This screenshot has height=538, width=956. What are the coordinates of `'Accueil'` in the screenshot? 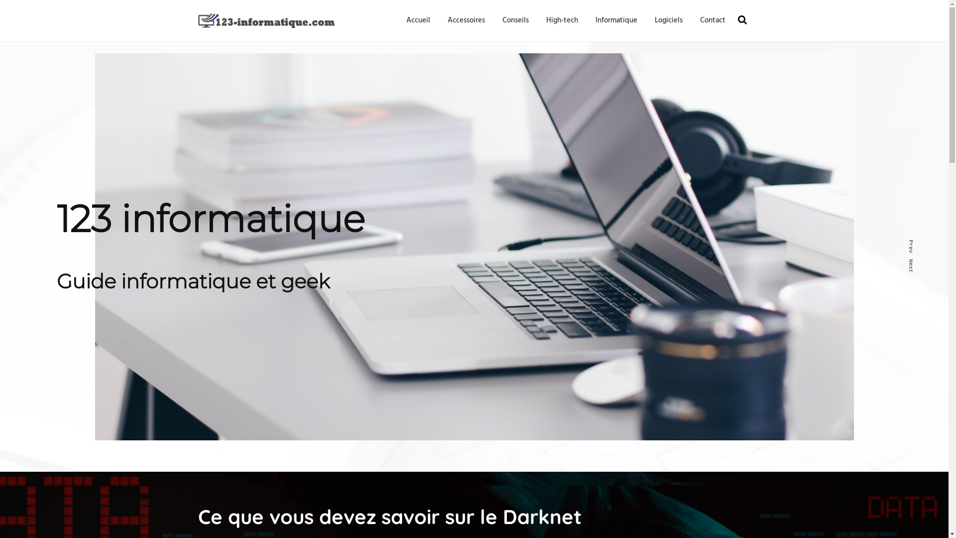 It's located at (406, 20).